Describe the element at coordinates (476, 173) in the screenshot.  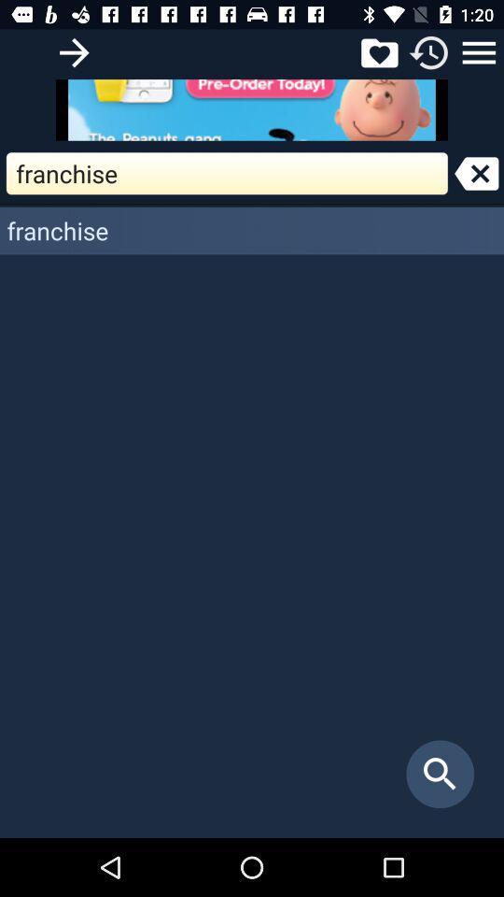
I see `clear search bar` at that location.